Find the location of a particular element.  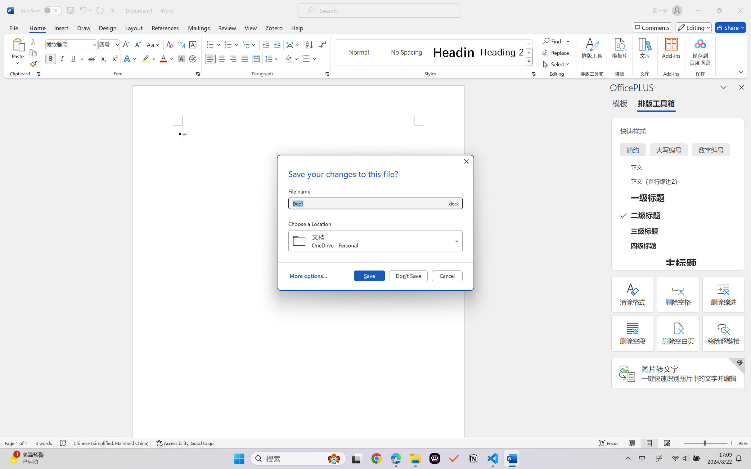

'Language Chinese (Simplified, Mainland China)' is located at coordinates (110, 443).